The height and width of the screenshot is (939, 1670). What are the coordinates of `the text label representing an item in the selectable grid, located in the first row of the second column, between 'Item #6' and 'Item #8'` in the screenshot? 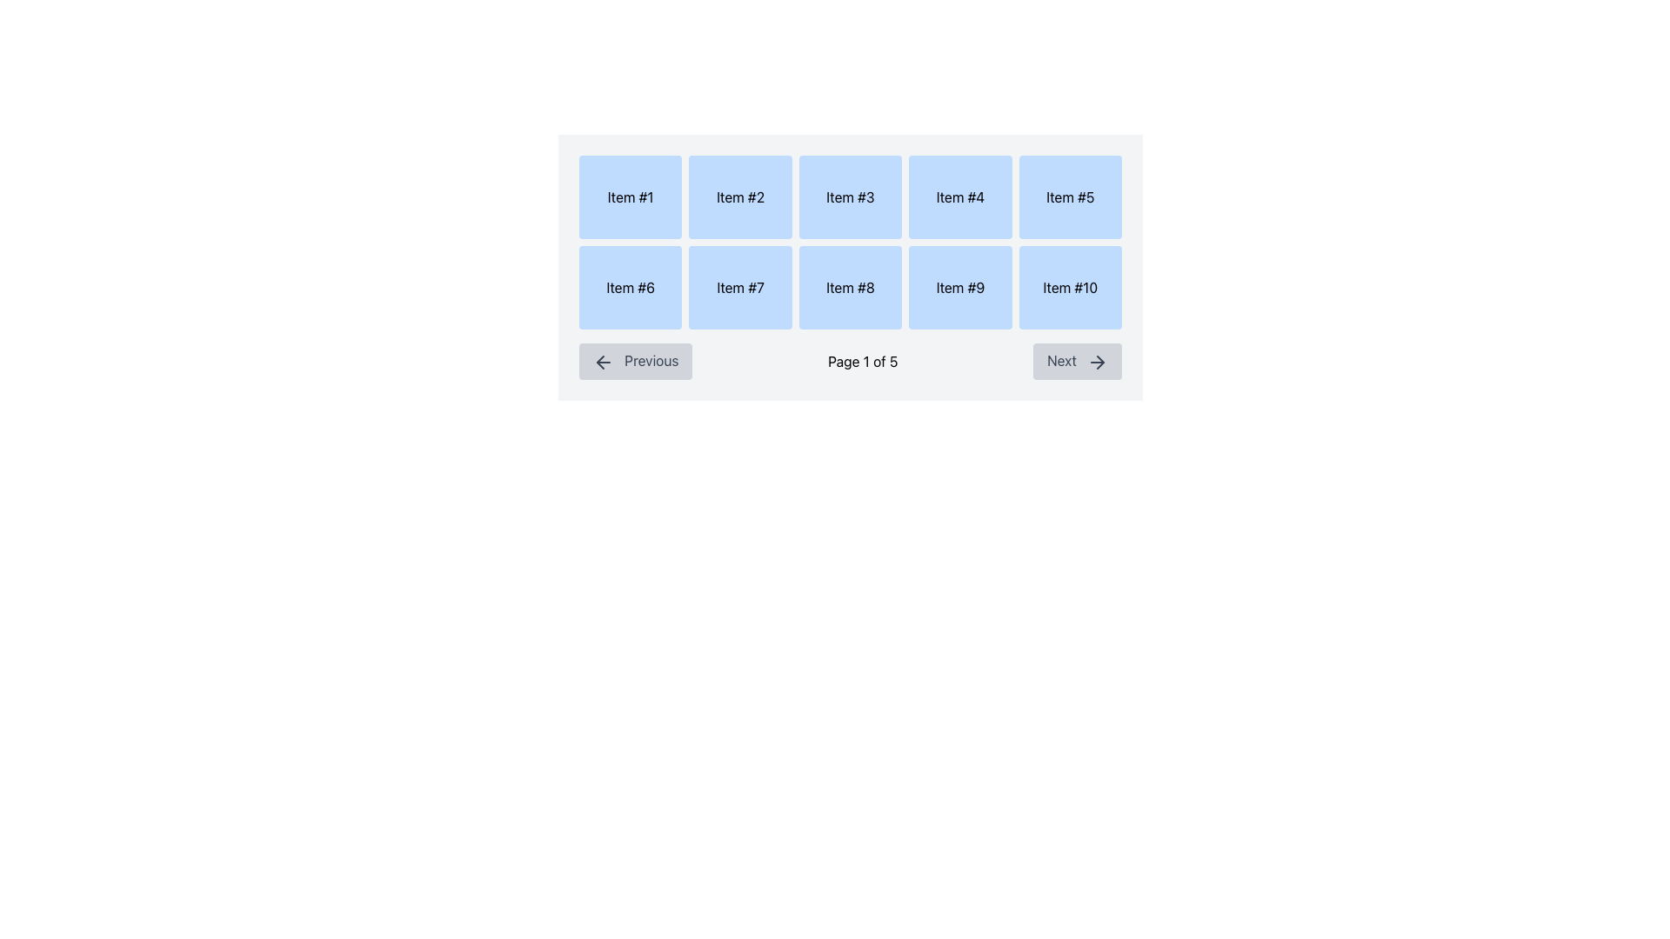 It's located at (740, 287).